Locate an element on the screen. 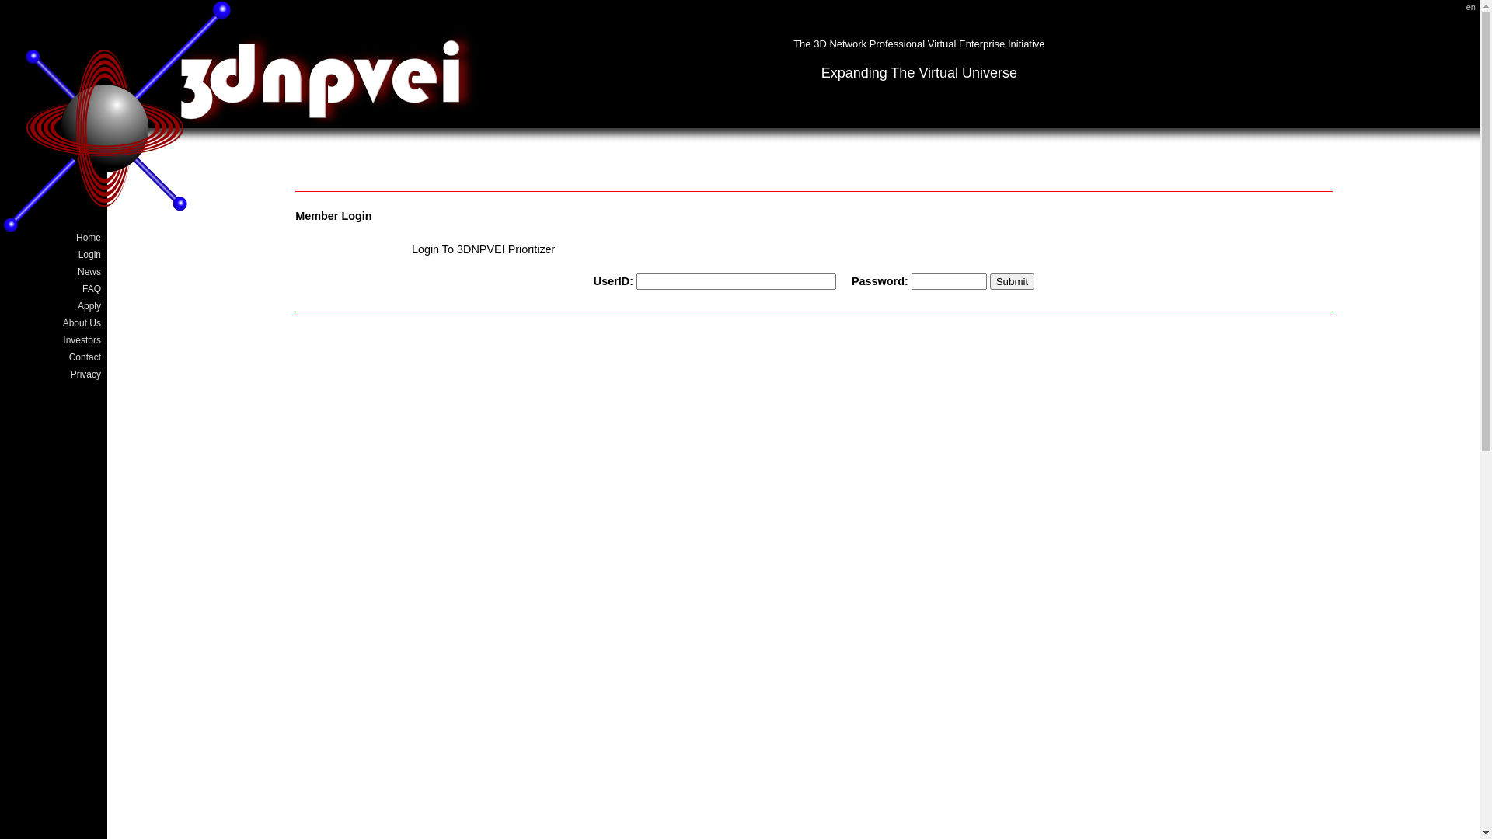 Image resolution: width=1492 pixels, height=839 pixels. 'About Us' is located at coordinates (54, 322).